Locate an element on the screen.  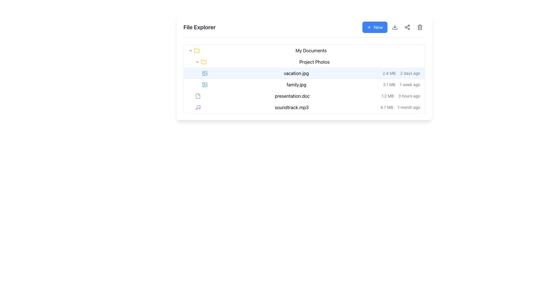
the download icon button located in the top-right corner of the interface is located at coordinates (395, 27).